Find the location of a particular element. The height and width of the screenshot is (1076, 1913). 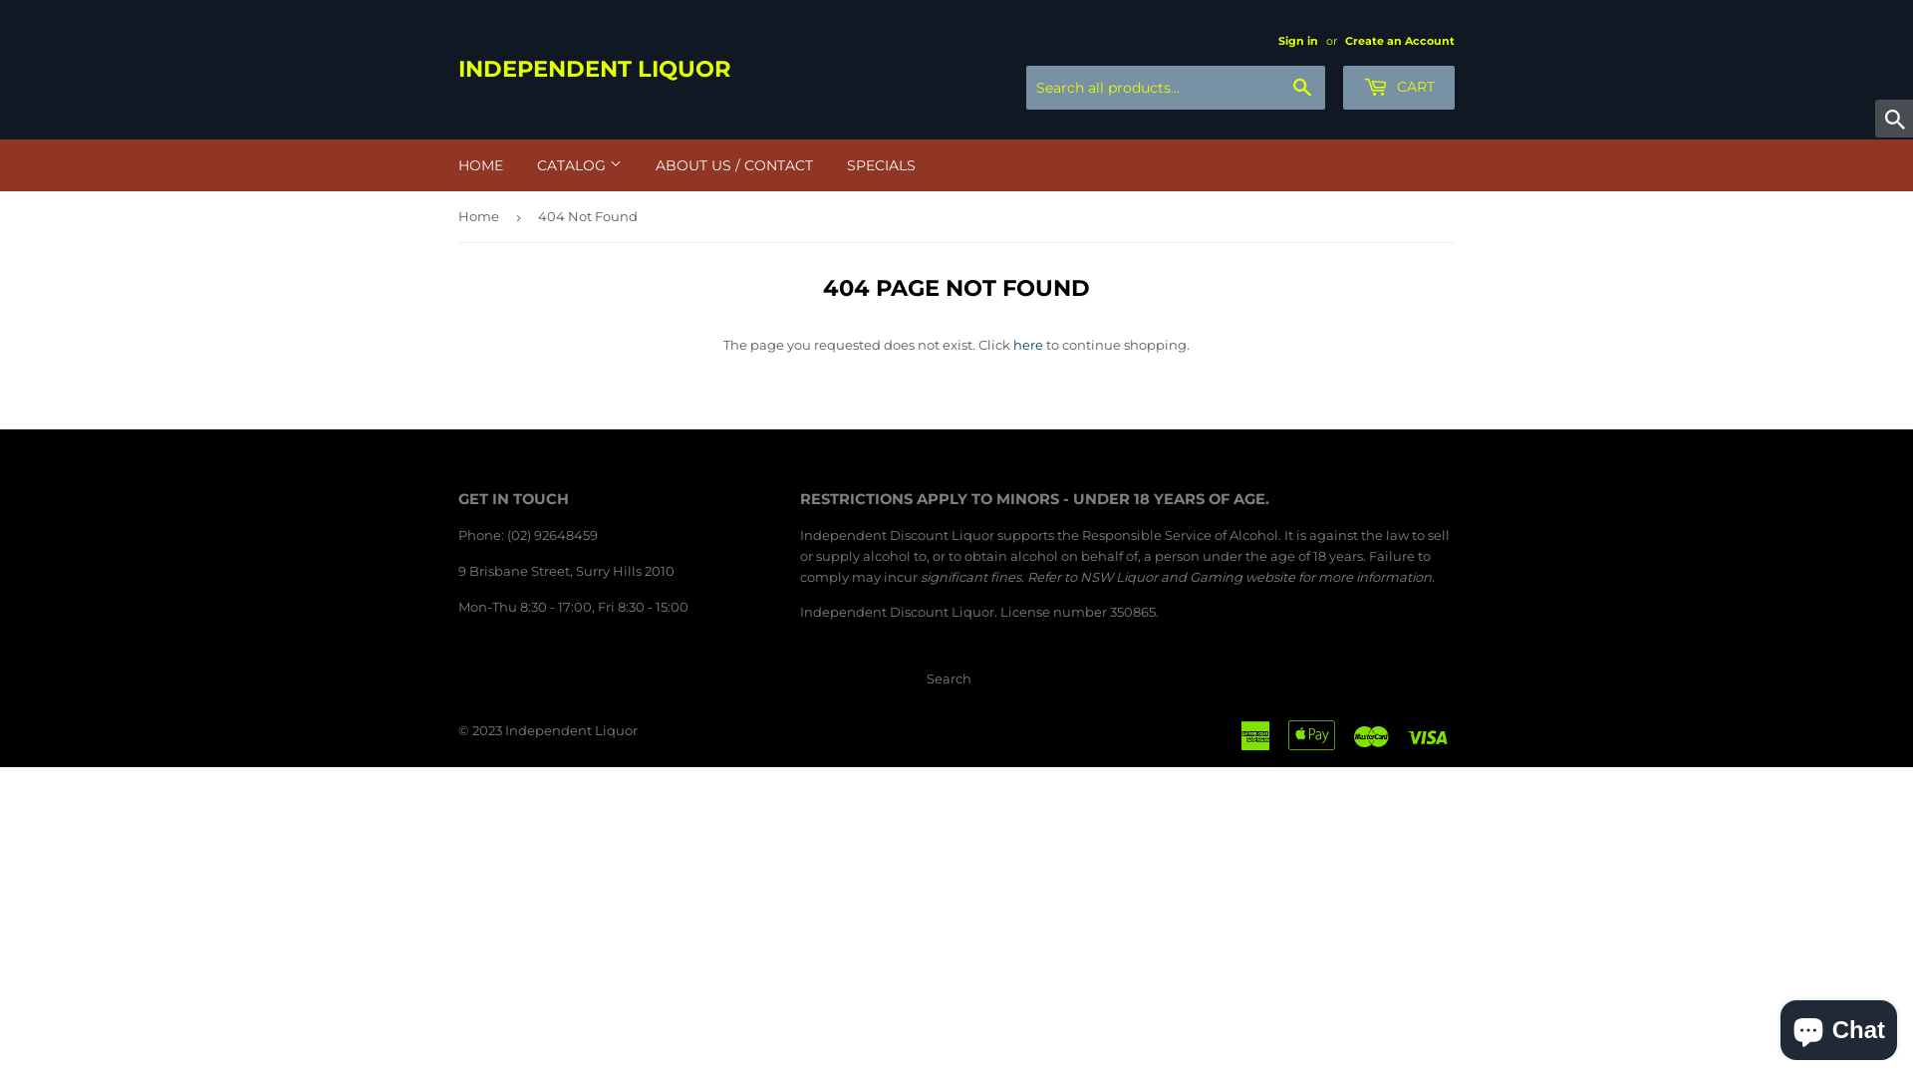

'Home' is located at coordinates (482, 216).